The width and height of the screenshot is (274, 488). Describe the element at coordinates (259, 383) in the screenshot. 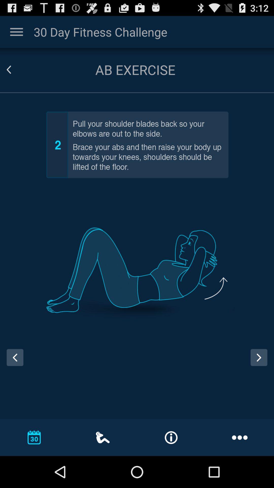

I see `the arrow_forward icon` at that location.